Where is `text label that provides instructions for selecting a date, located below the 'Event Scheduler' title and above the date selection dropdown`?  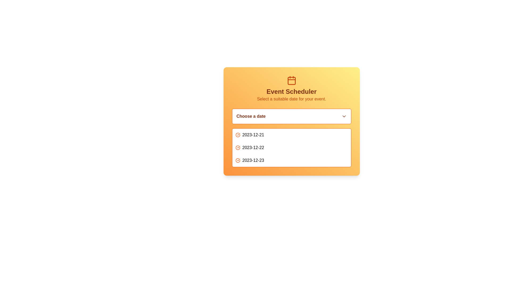
text label that provides instructions for selecting a date, located below the 'Event Scheduler' title and above the date selection dropdown is located at coordinates (291, 99).